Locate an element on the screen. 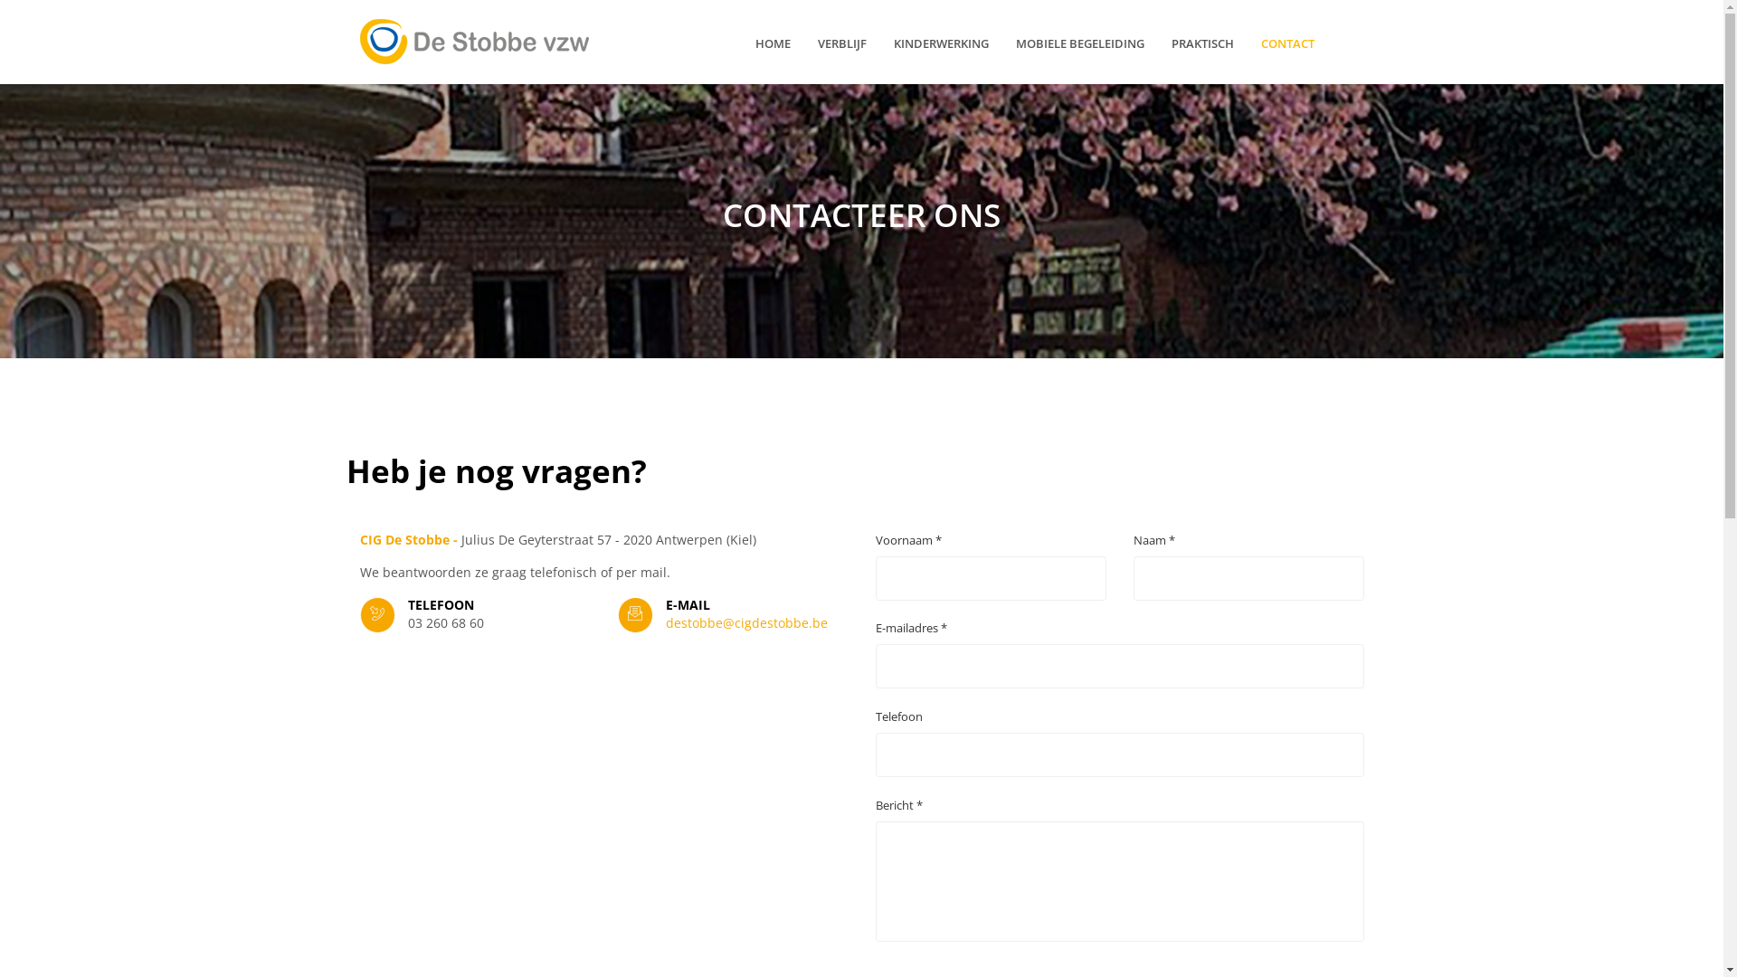  'CONTACT' is located at coordinates (1286, 43).